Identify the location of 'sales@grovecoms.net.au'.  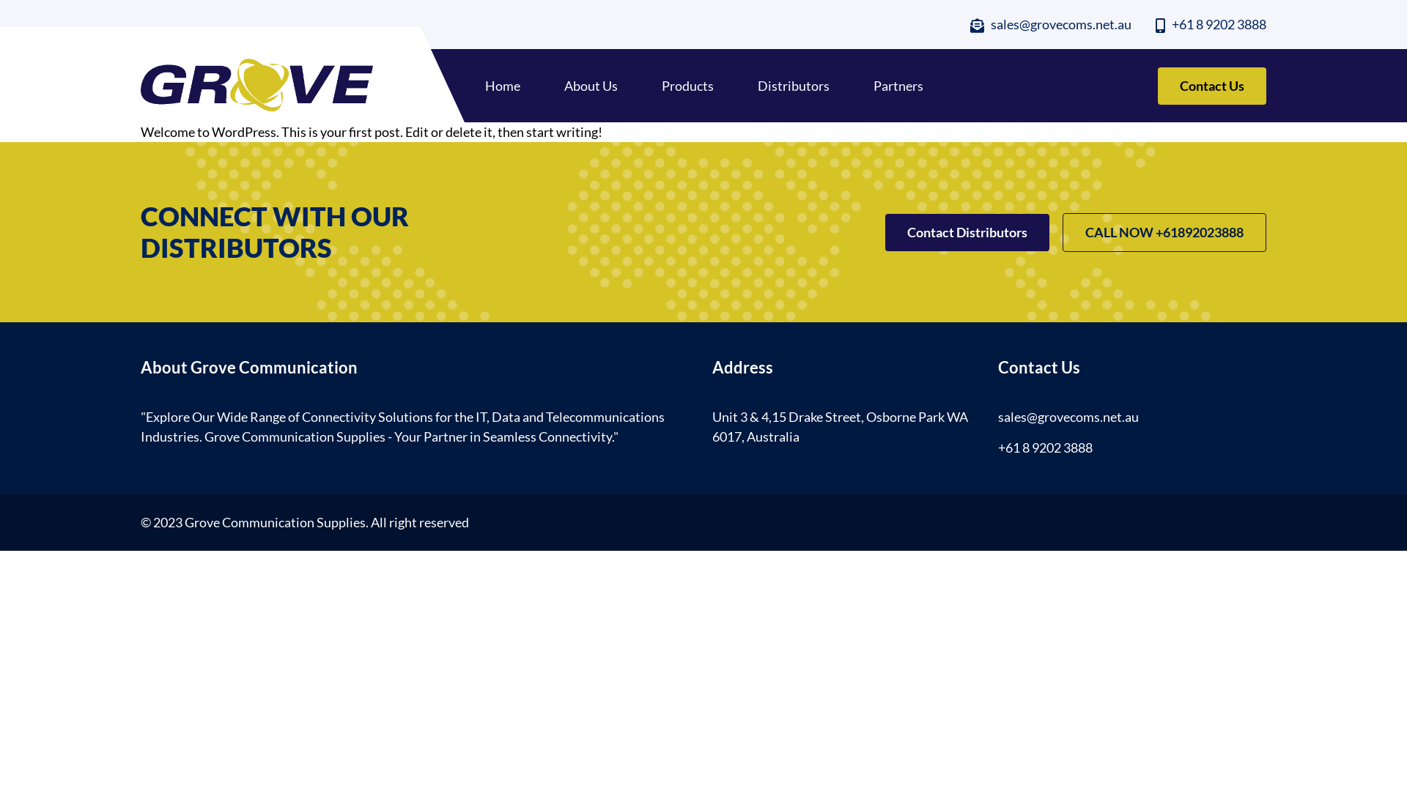
(1050, 24).